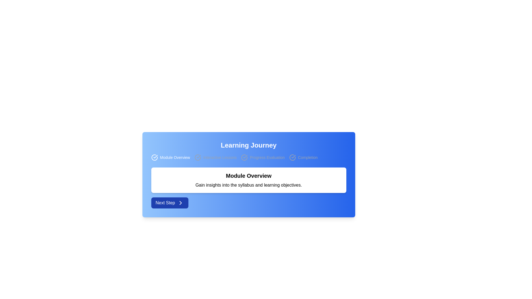 The width and height of the screenshot is (532, 299). I want to click on the circular icon with a checkmark, which indicates task completion, located to the right of the 'Completion' label in the 'Learning Journey' section, so click(292, 158).